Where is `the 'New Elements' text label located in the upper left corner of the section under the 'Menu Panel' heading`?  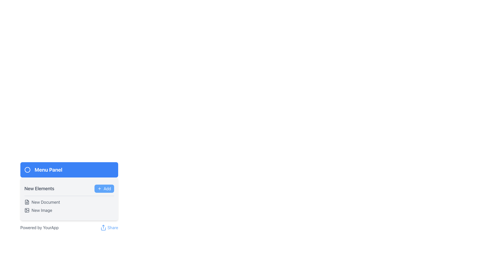 the 'New Elements' text label located in the upper left corner of the section under the 'Menu Panel' heading is located at coordinates (39, 188).